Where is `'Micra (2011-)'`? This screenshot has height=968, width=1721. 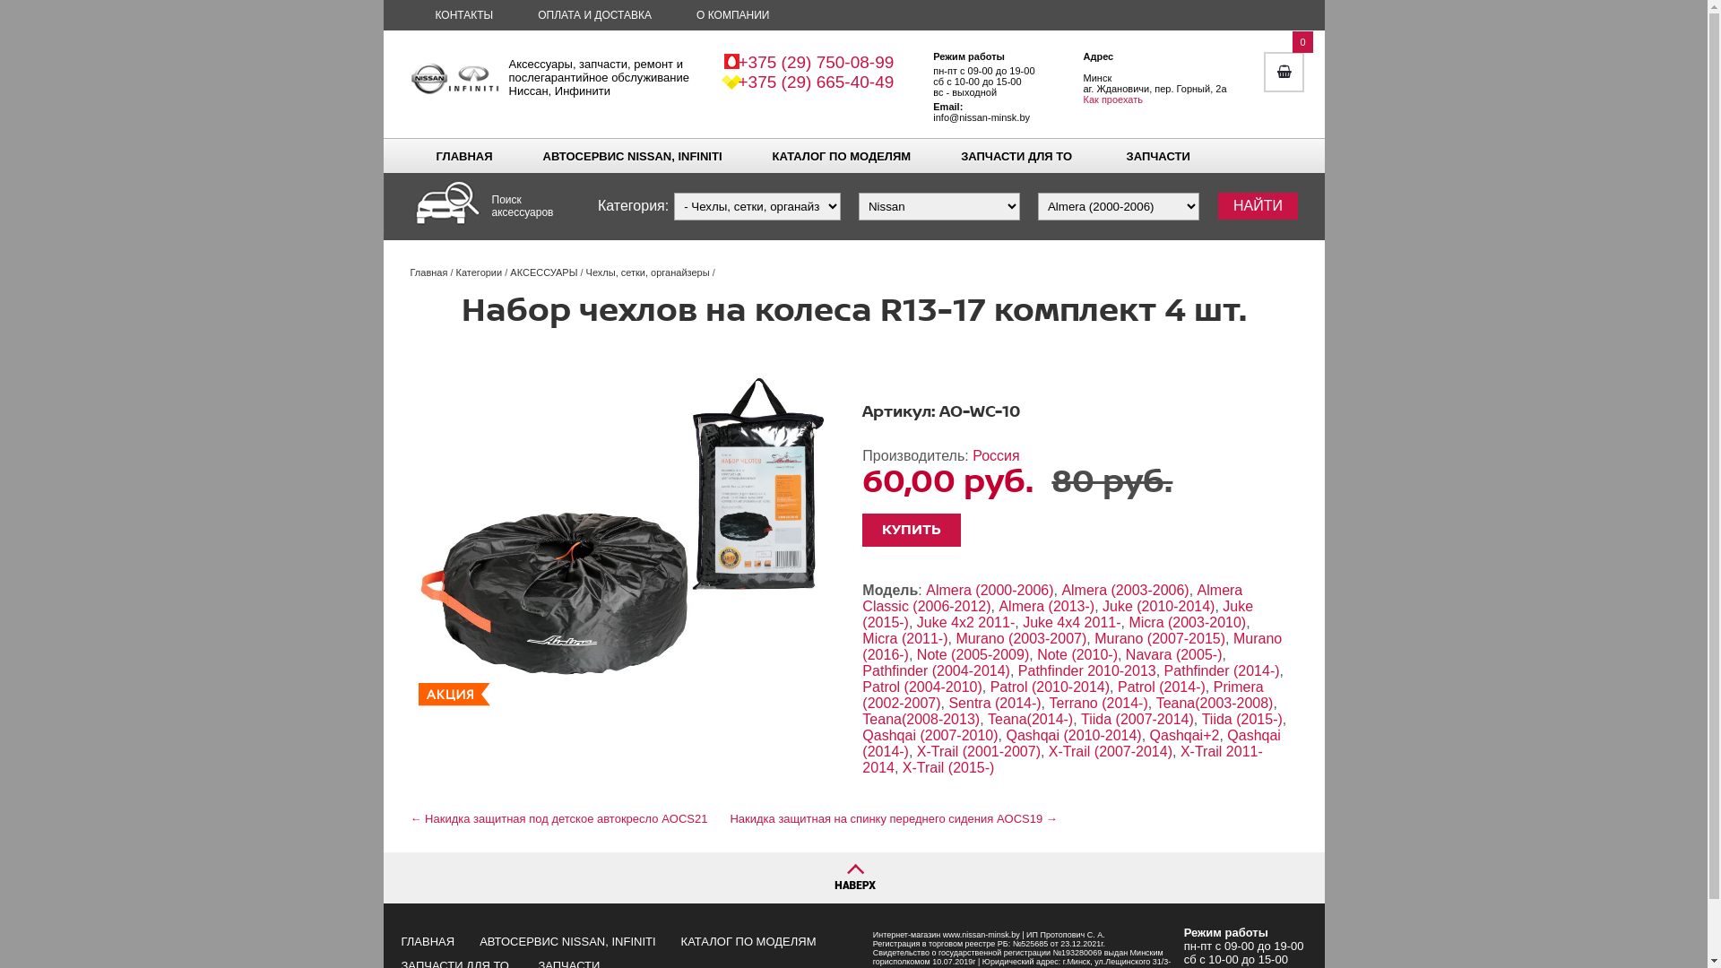
'Micra (2011-)' is located at coordinates (904, 637).